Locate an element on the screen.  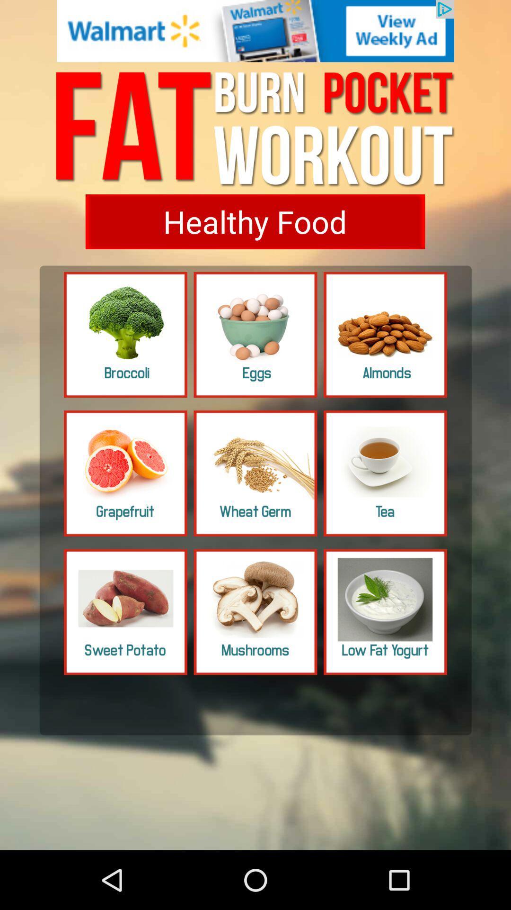
click the healthy food option is located at coordinates (255, 221).